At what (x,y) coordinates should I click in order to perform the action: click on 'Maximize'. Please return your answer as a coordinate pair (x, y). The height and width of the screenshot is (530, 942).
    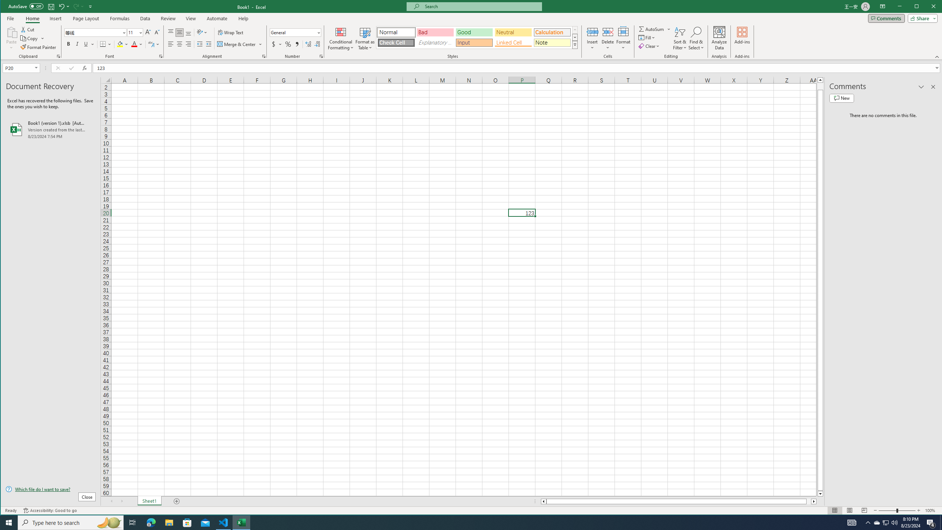
    Looking at the image, I should click on (927, 7).